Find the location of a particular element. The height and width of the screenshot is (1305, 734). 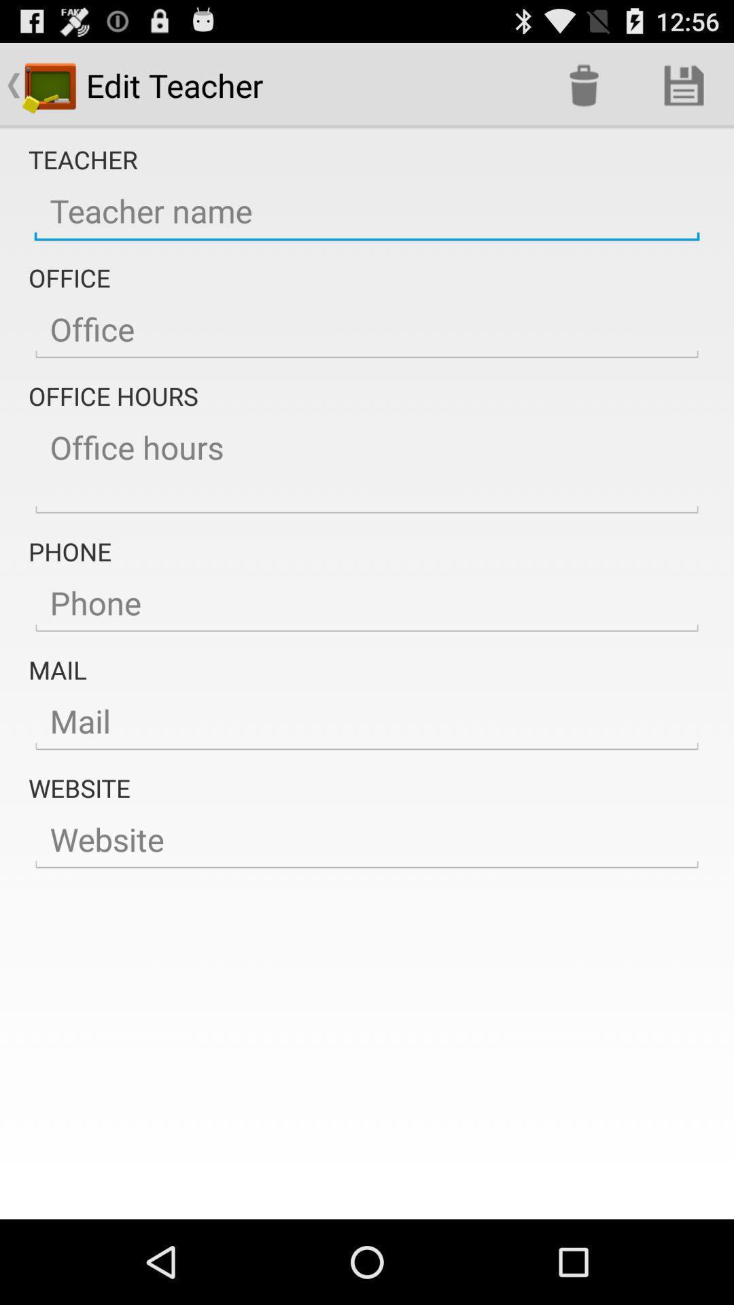

input office hours is located at coordinates (367, 466).